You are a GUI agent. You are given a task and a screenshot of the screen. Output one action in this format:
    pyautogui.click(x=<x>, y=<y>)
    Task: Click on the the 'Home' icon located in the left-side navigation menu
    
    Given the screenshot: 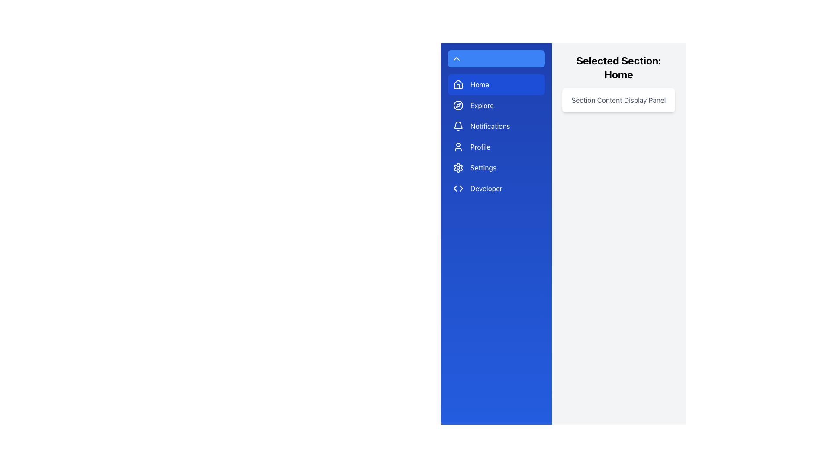 What is the action you would take?
    pyautogui.click(x=458, y=84)
    